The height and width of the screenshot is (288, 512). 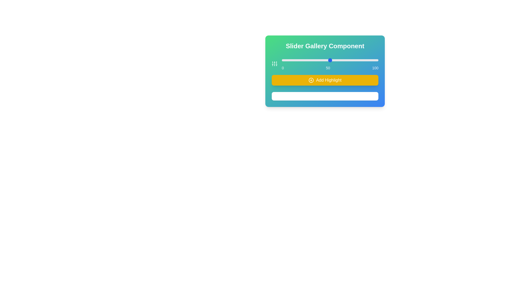 I want to click on the 'Add Highlight' button in the Composite Component, so click(x=325, y=71).